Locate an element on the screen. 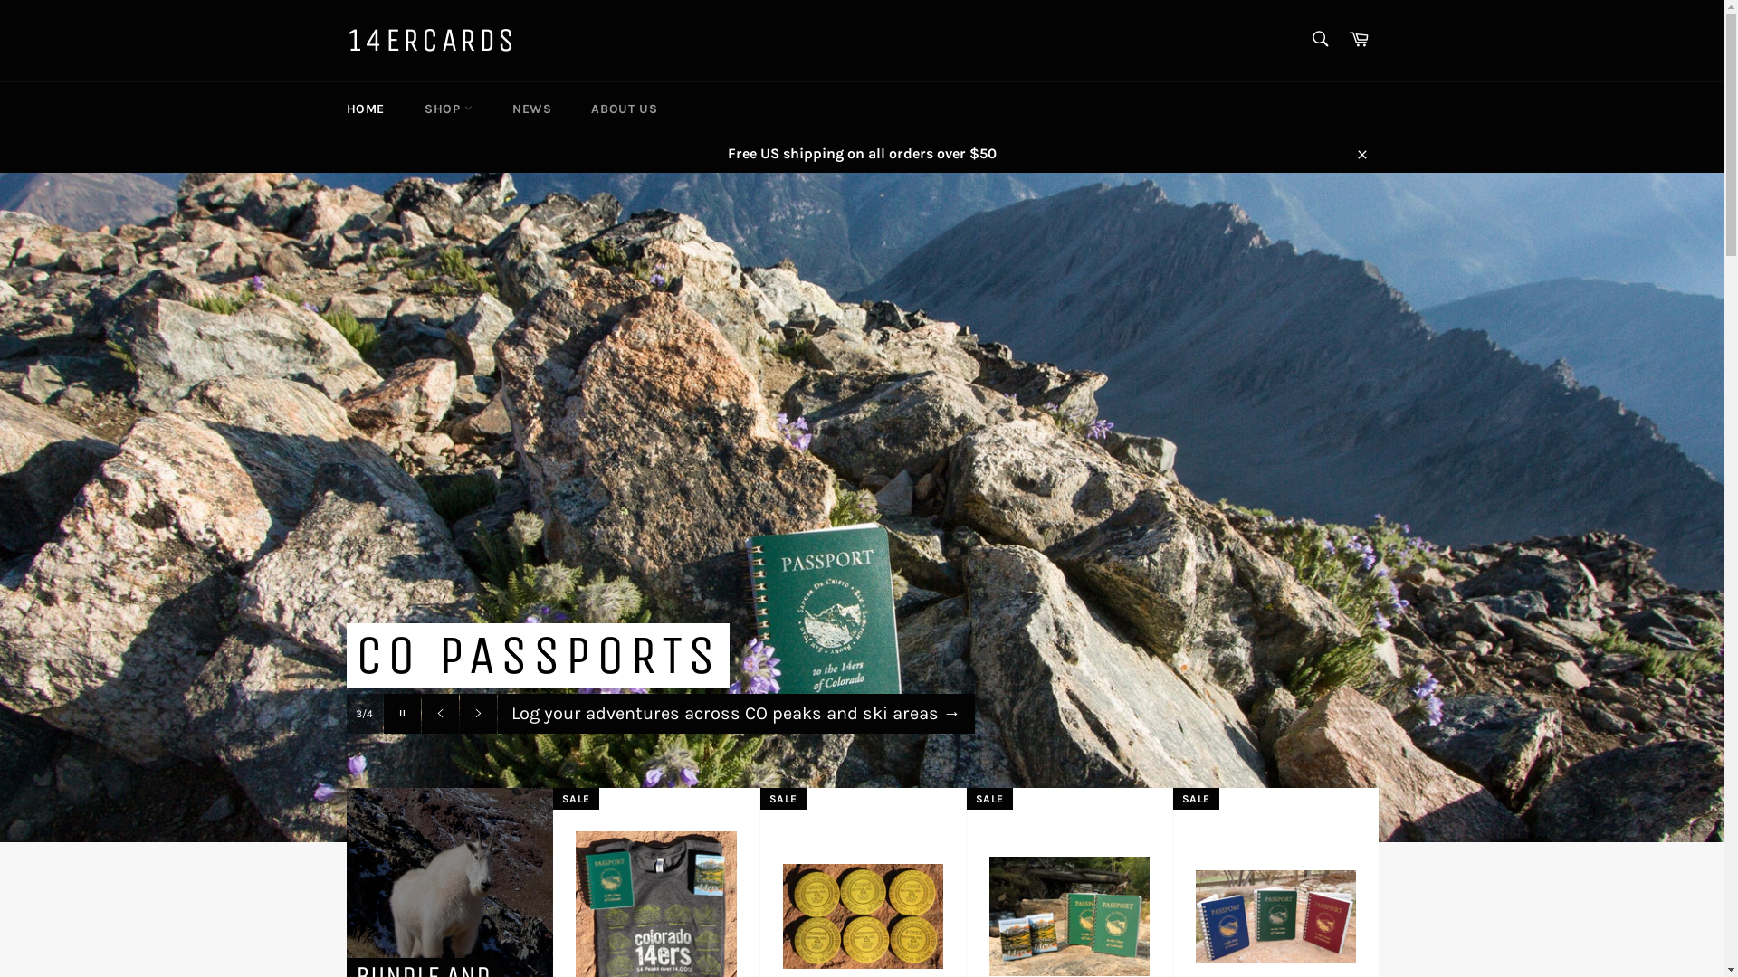  'HOME' is located at coordinates (327, 108).